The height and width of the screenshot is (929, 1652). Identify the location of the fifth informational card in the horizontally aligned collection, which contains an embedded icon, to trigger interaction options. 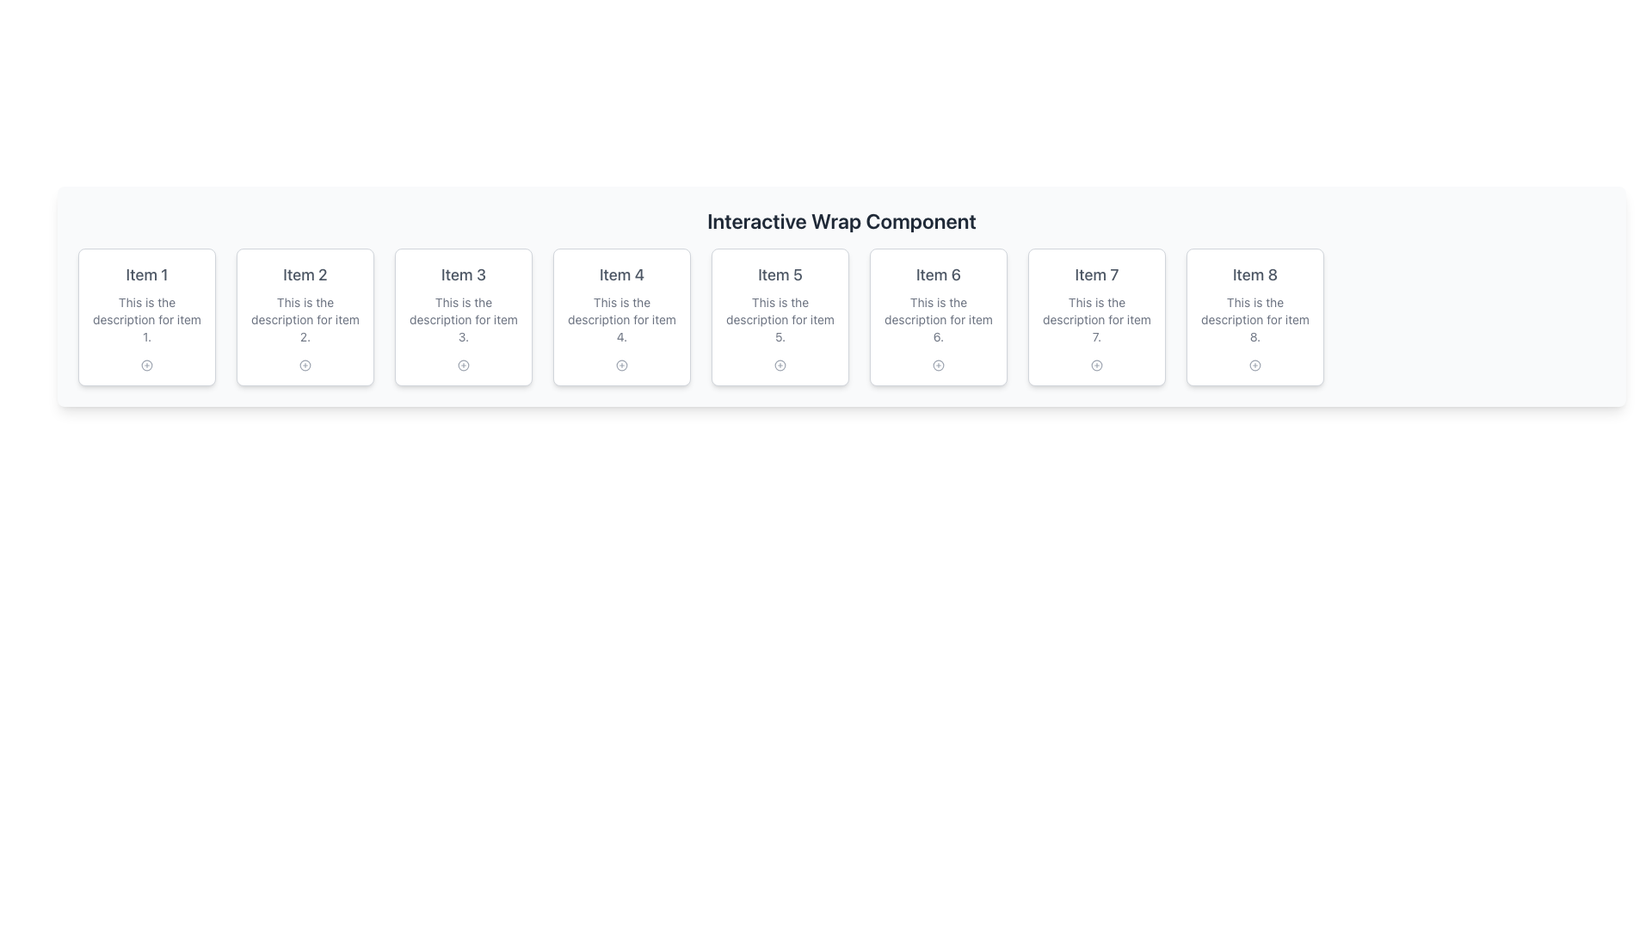
(780, 317).